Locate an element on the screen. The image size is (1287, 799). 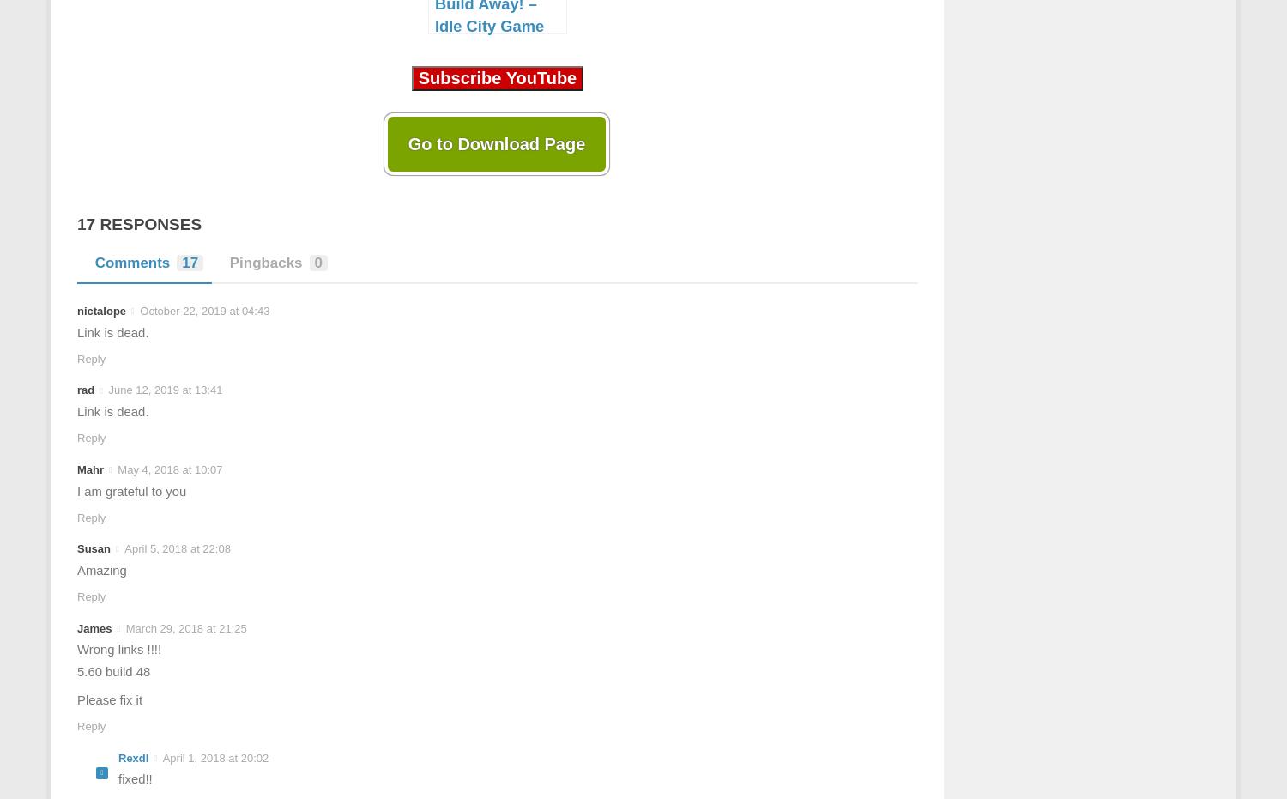
'nictalope' is located at coordinates (100, 311).